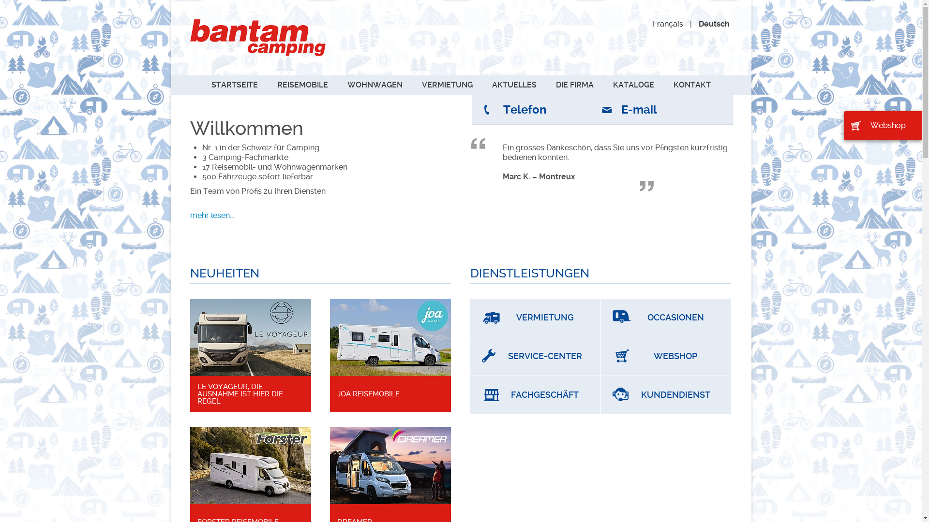 The width and height of the screenshot is (929, 522). I want to click on 'LE VOYAGEUR, DIE AUSNAHME IST HIER DIE REGEL', so click(251, 394).